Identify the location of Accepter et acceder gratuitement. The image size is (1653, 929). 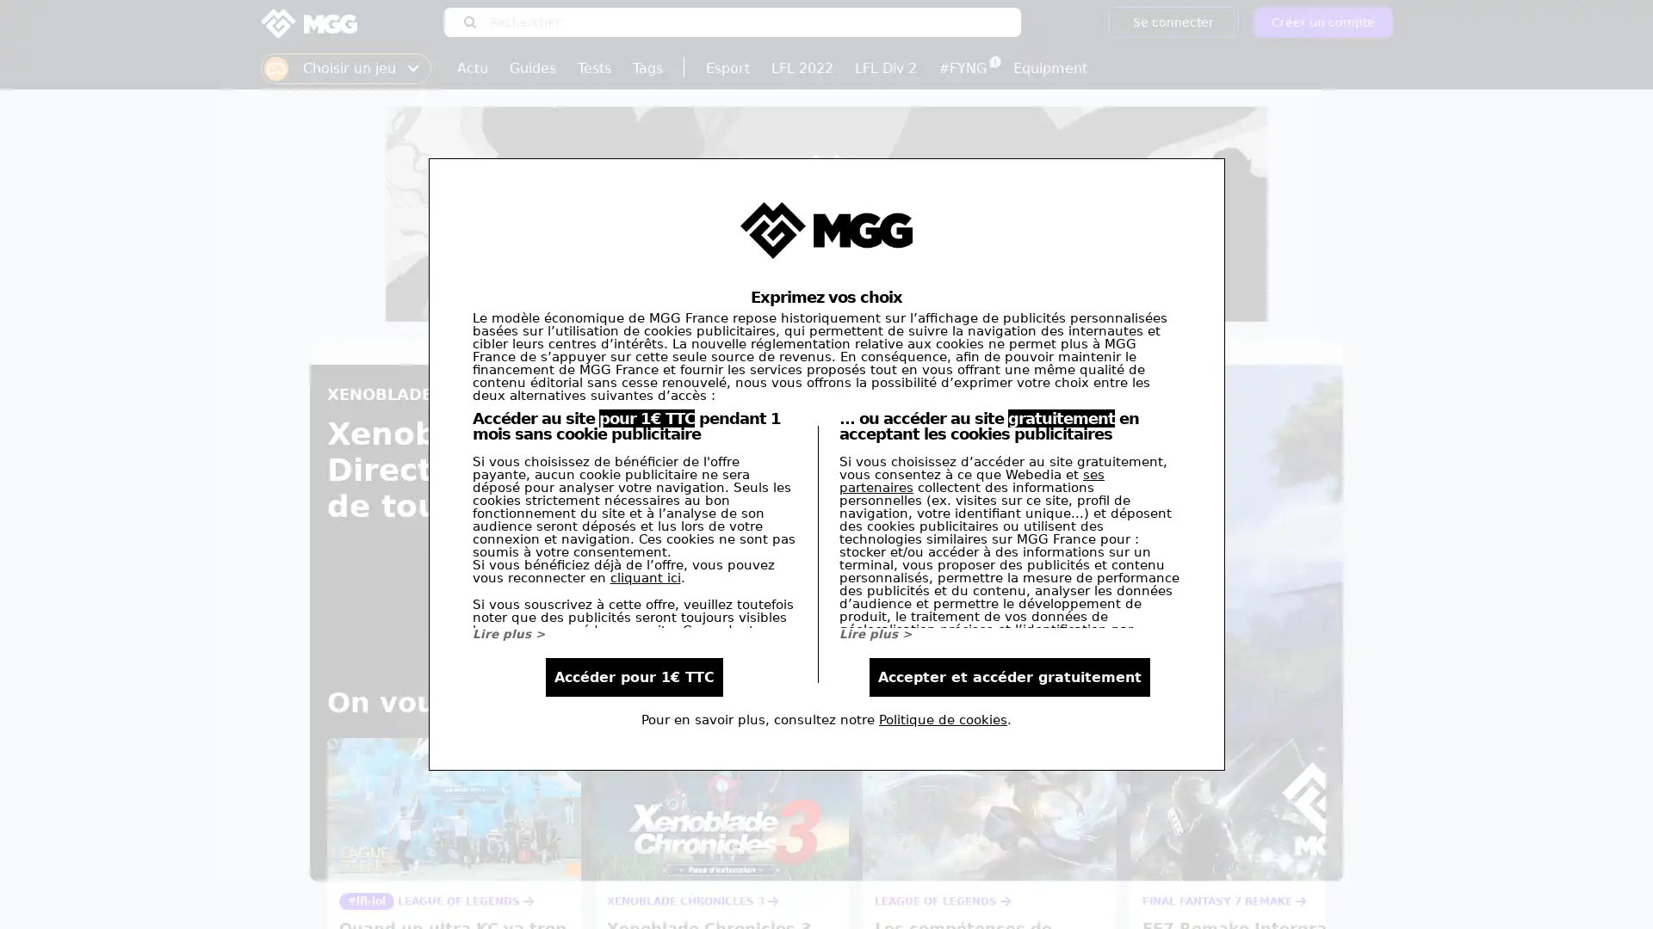
(1009, 676).